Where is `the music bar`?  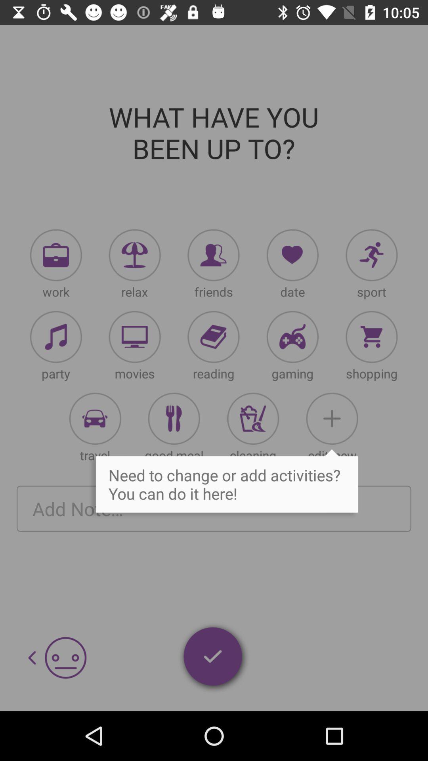 the music bar is located at coordinates (55, 337).